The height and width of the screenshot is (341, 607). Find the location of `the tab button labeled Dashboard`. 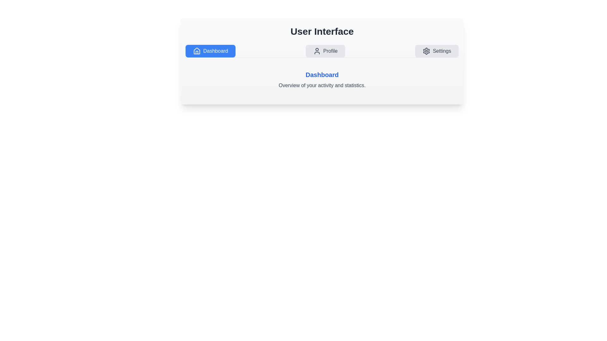

the tab button labeled Dashboard is located at coordinates (211, 51).